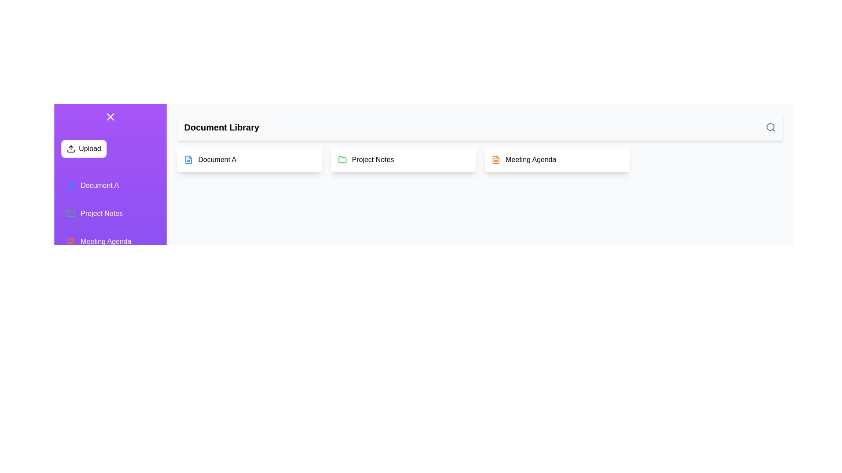 Image resolution: width=842 pixels, height=473 pixels. I want to click on the document card titled 'Document A' to view its details, so click(249, 160).